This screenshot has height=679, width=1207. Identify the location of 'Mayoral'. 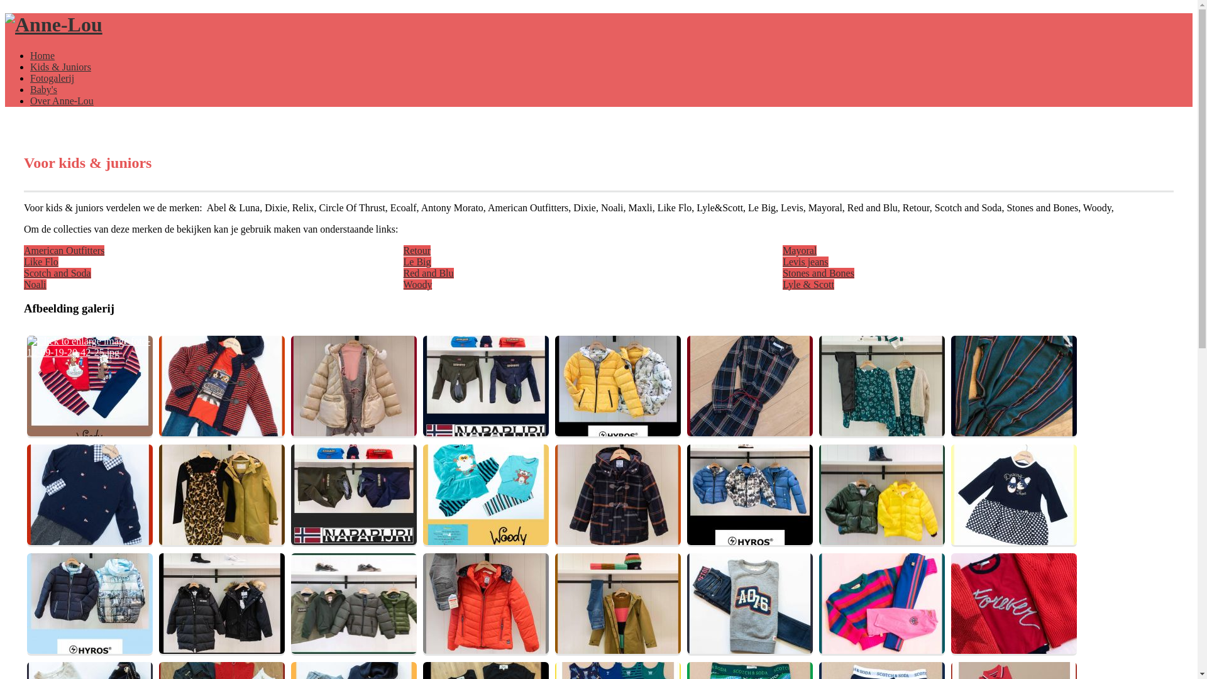
(799, 250).